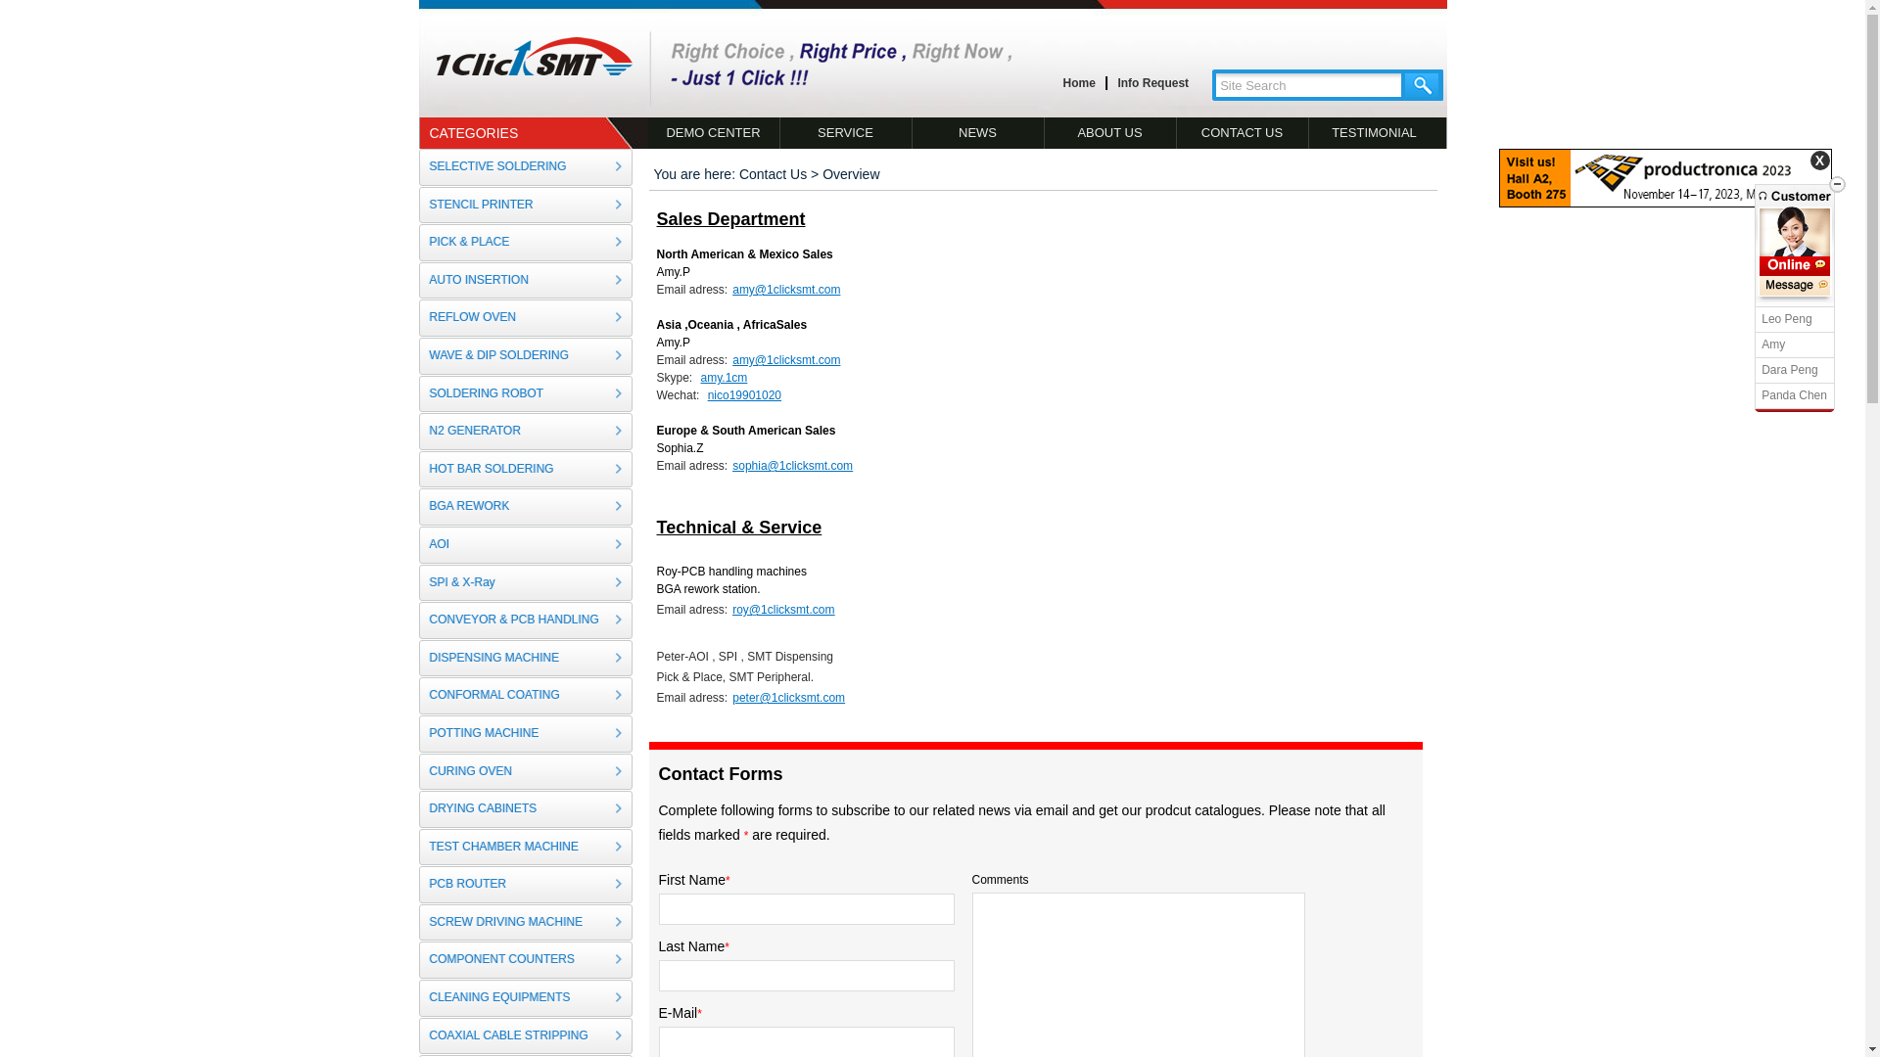 The width and height of the screenshot is (1880, 1057). What do you see at coordinates (1307, 132) in the screenshot?
I see `'TESTIMONIAL'` at bounding box center [1307, 132].